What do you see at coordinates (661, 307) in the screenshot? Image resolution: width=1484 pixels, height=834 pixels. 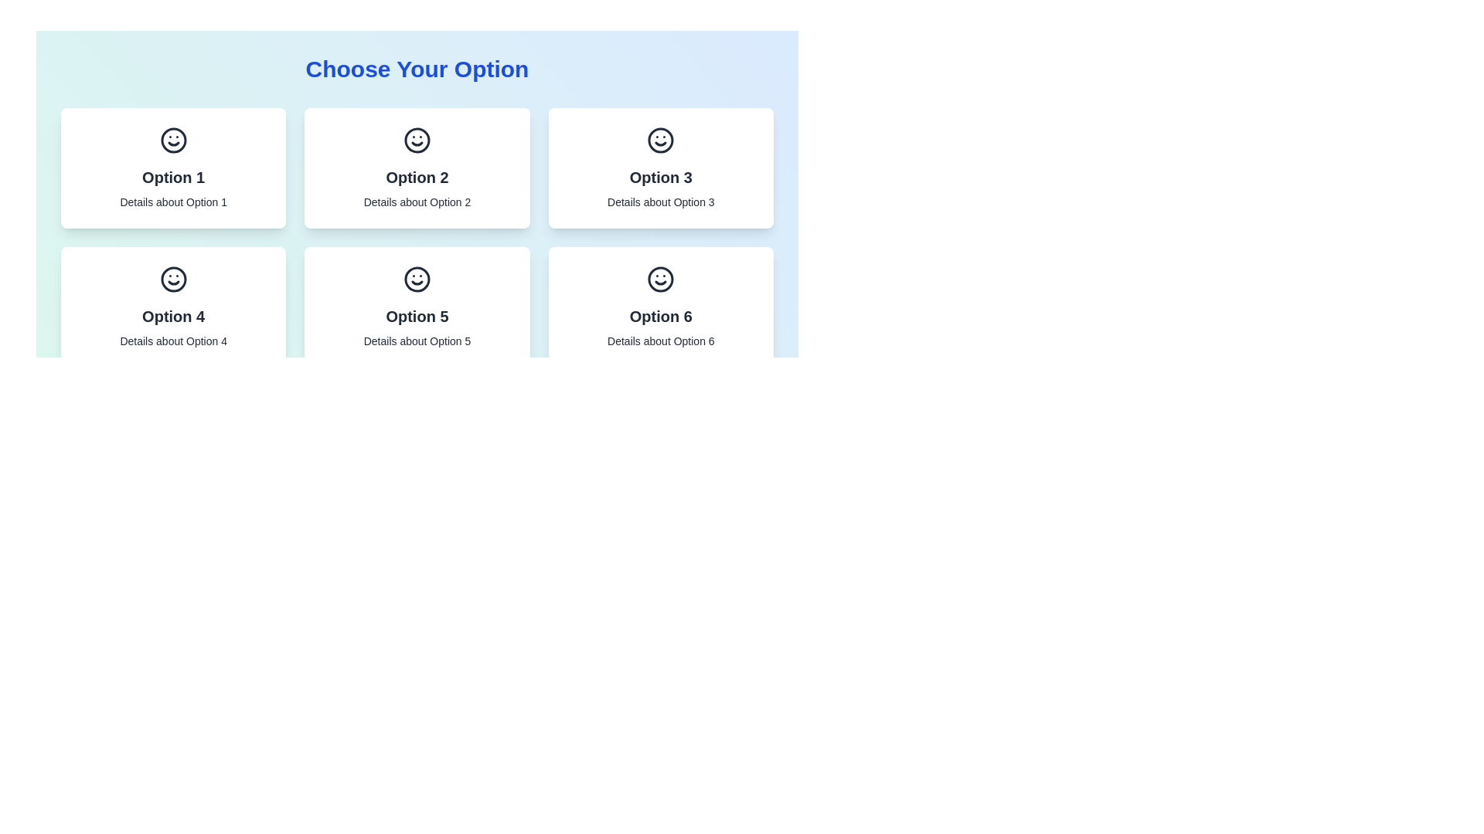 I see `the interactive option selector card titled 'How this Card works' located` at bounding box center [661, 307].